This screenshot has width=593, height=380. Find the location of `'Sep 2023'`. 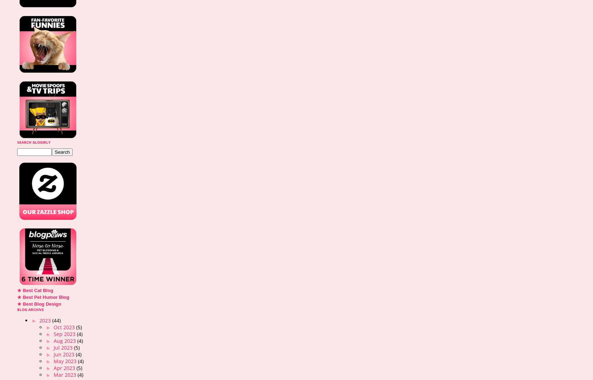

'Sep 2023' is located at coordinates (65, 334).